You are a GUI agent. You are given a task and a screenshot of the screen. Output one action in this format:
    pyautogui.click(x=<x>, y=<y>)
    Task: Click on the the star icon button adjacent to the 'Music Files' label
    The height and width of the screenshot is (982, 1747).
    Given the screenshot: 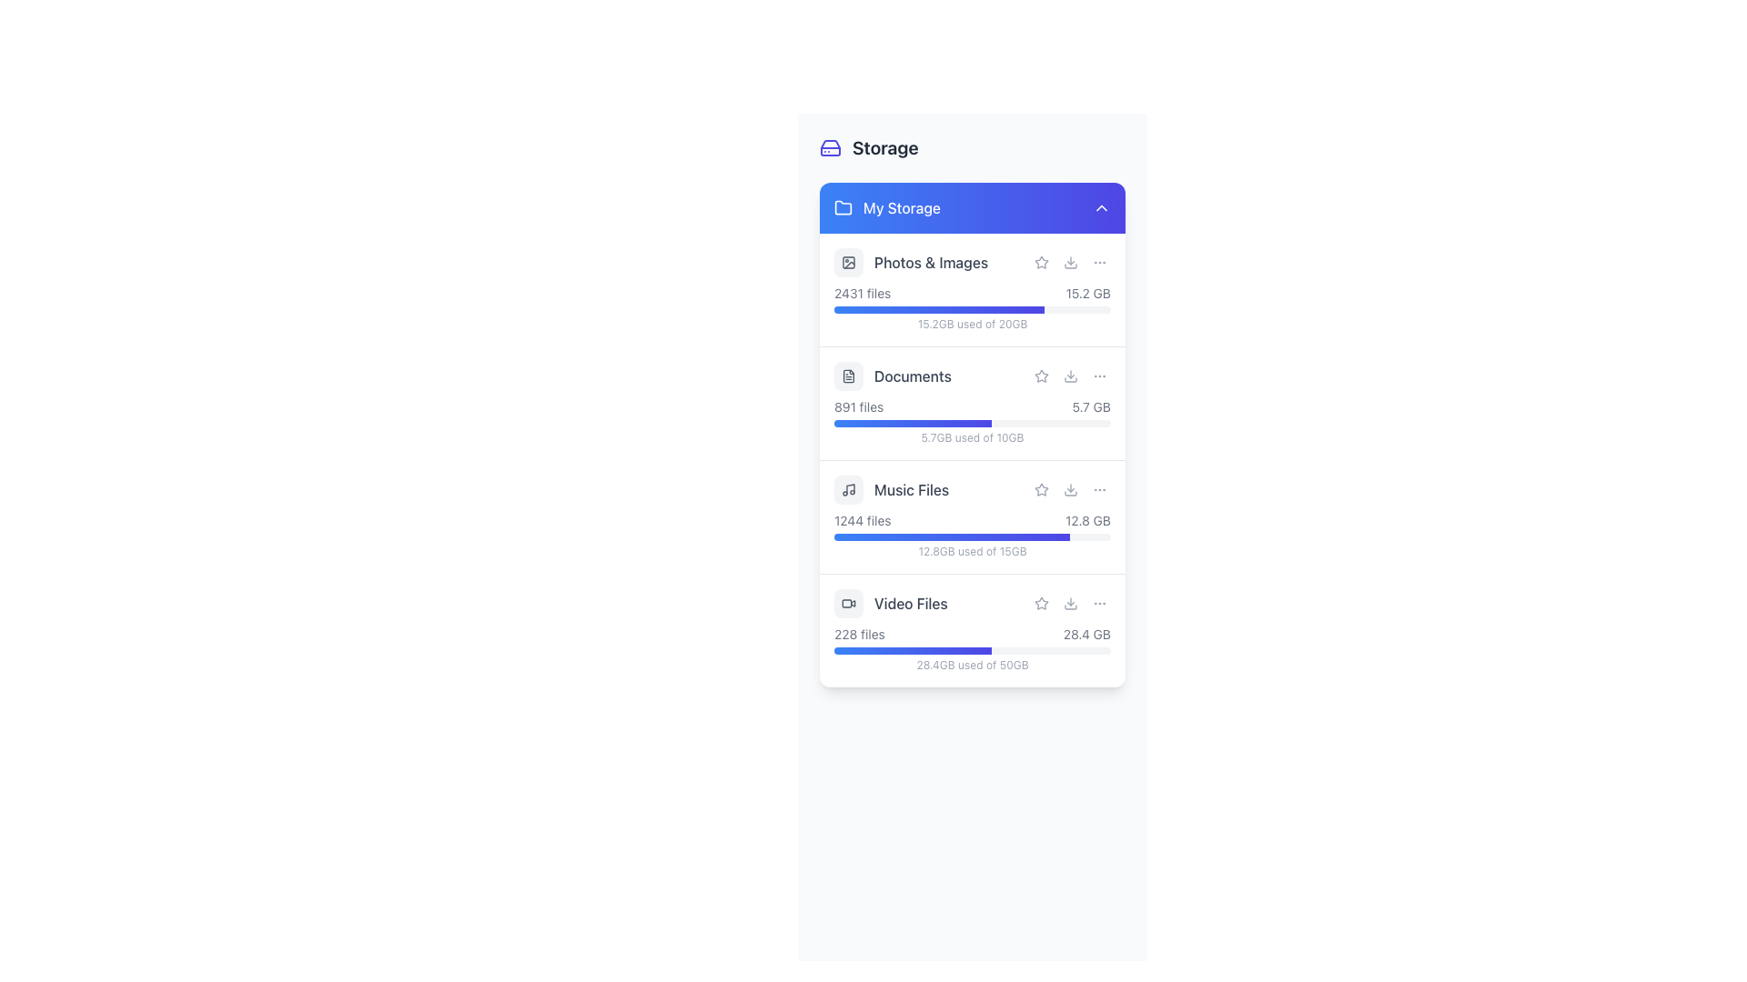 What is the action you would take?
    pyautogui.click(x=1042, y=489)
    